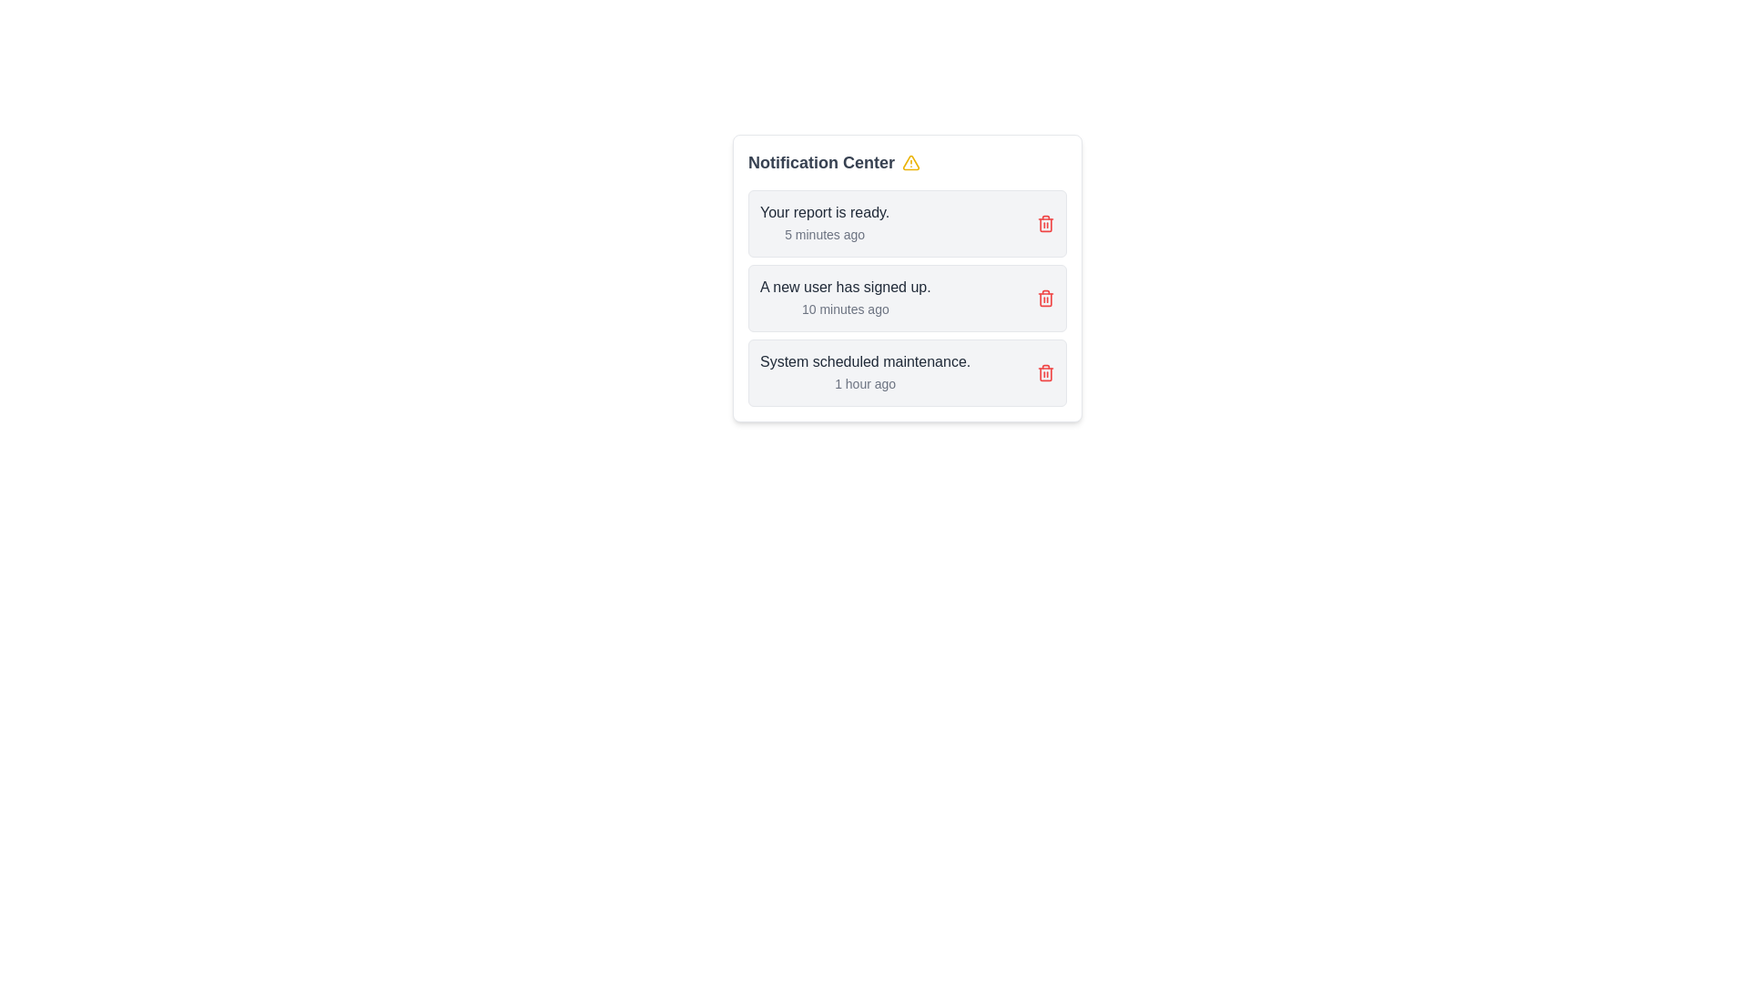  Describe the element at coordinates (908, 371) in the screenshot. I see `the third notification card in the Notification Center that displays a system update notification` at that location.